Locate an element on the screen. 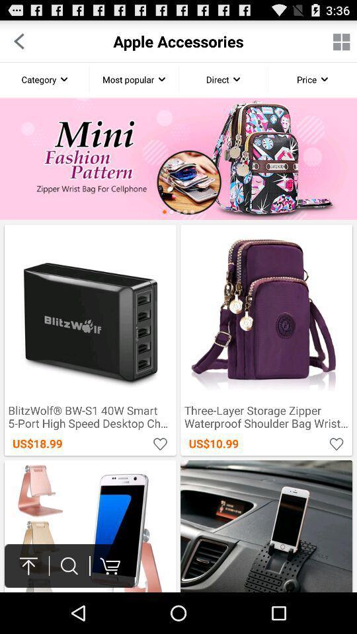  the arrow_backward icon is located at coordinates (18, 44).